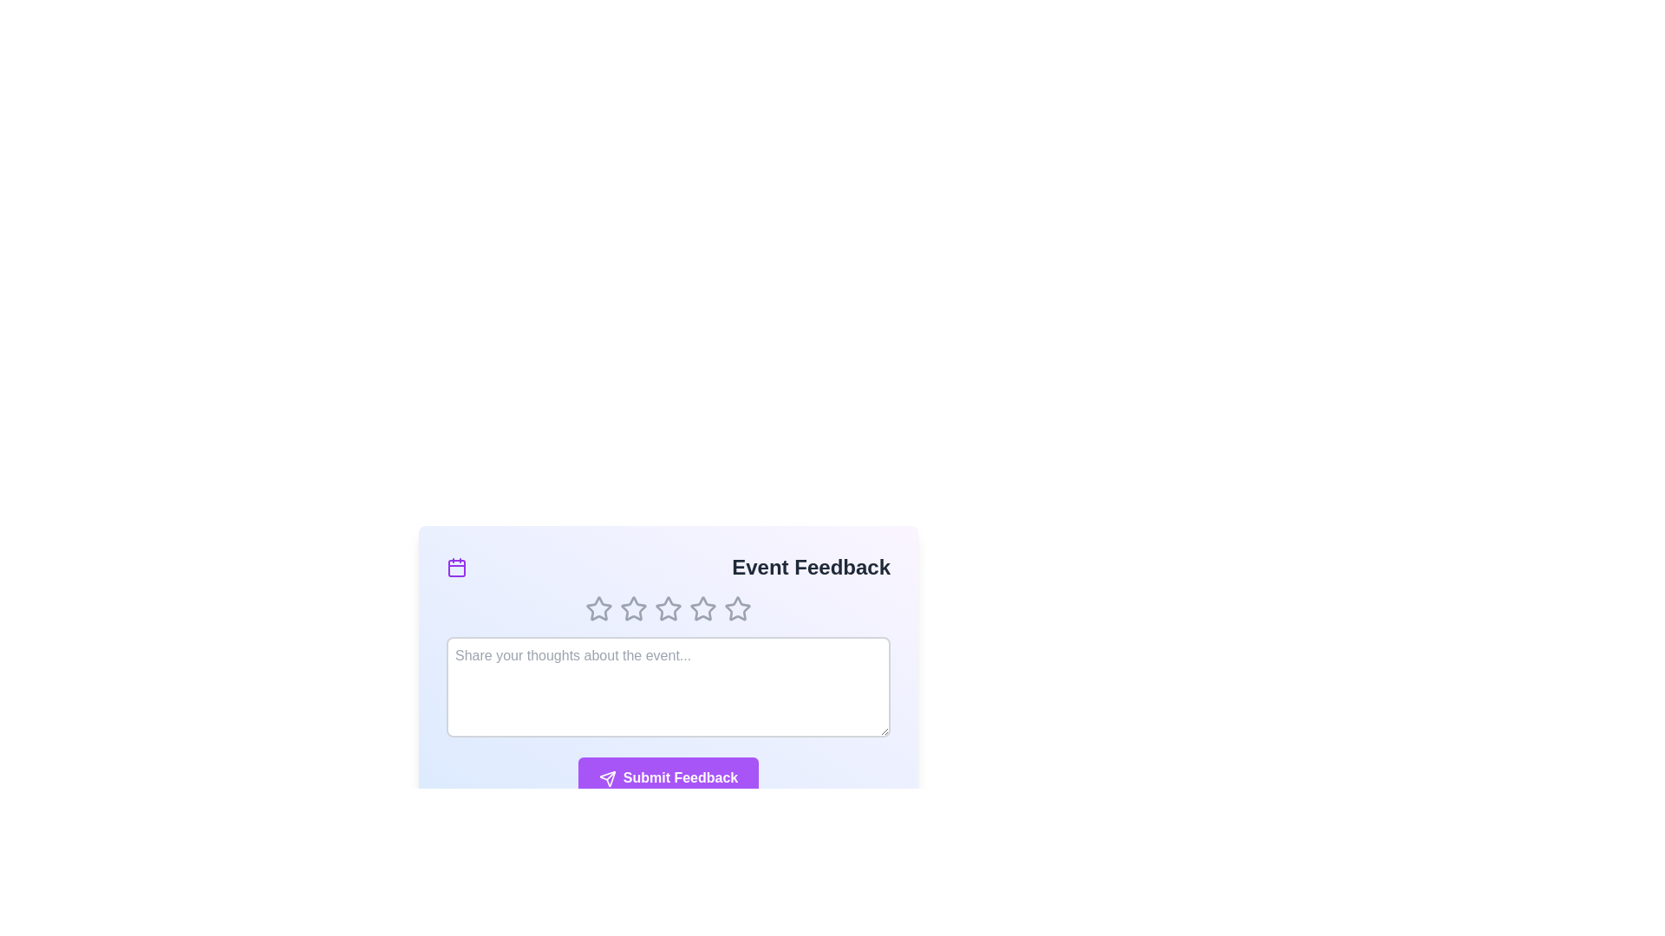  What do you see at coordinates (632, 608) in the screenshot?
I see `the second star icon used for providing a 2-star rating, located centrally below the 'Event Feedback' title` at bounding box center [632, 608].